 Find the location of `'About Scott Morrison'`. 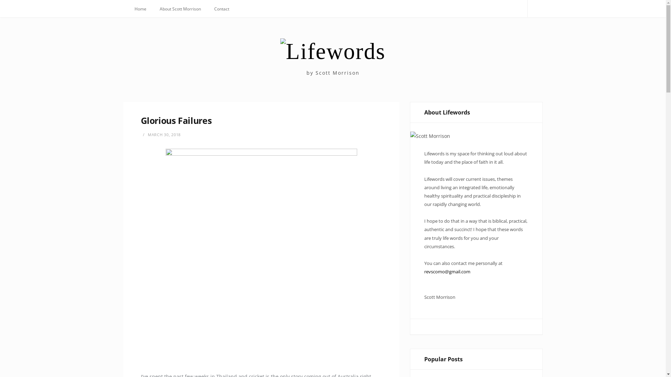

'About Scott Morrison' is located at coordinates (180, 9).